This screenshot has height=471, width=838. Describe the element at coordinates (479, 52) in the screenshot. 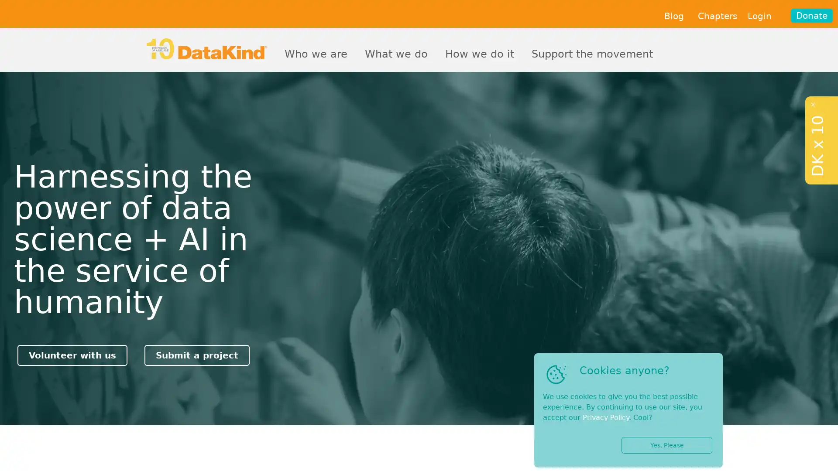

I see `How we do it` at that location.